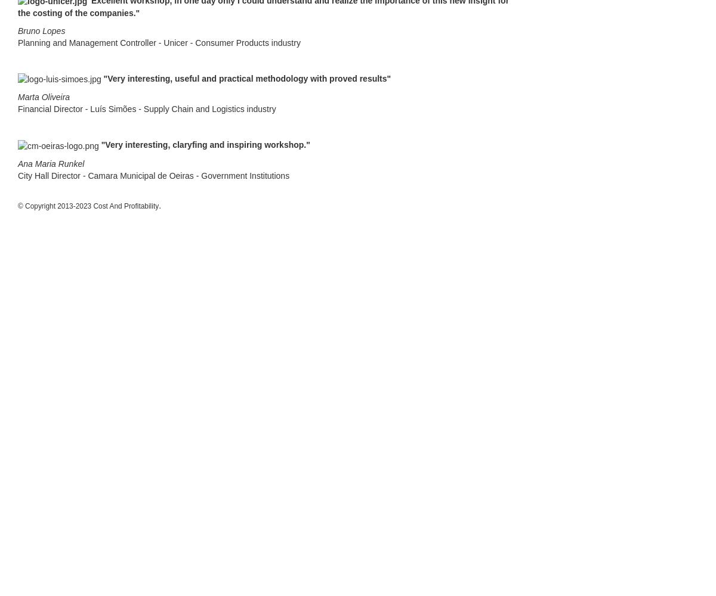 This screenshot has width=716, height=596. Describe the element at coordinates (44, 97) in the screenshot. I see `'Marta Oliveira'` at that location.